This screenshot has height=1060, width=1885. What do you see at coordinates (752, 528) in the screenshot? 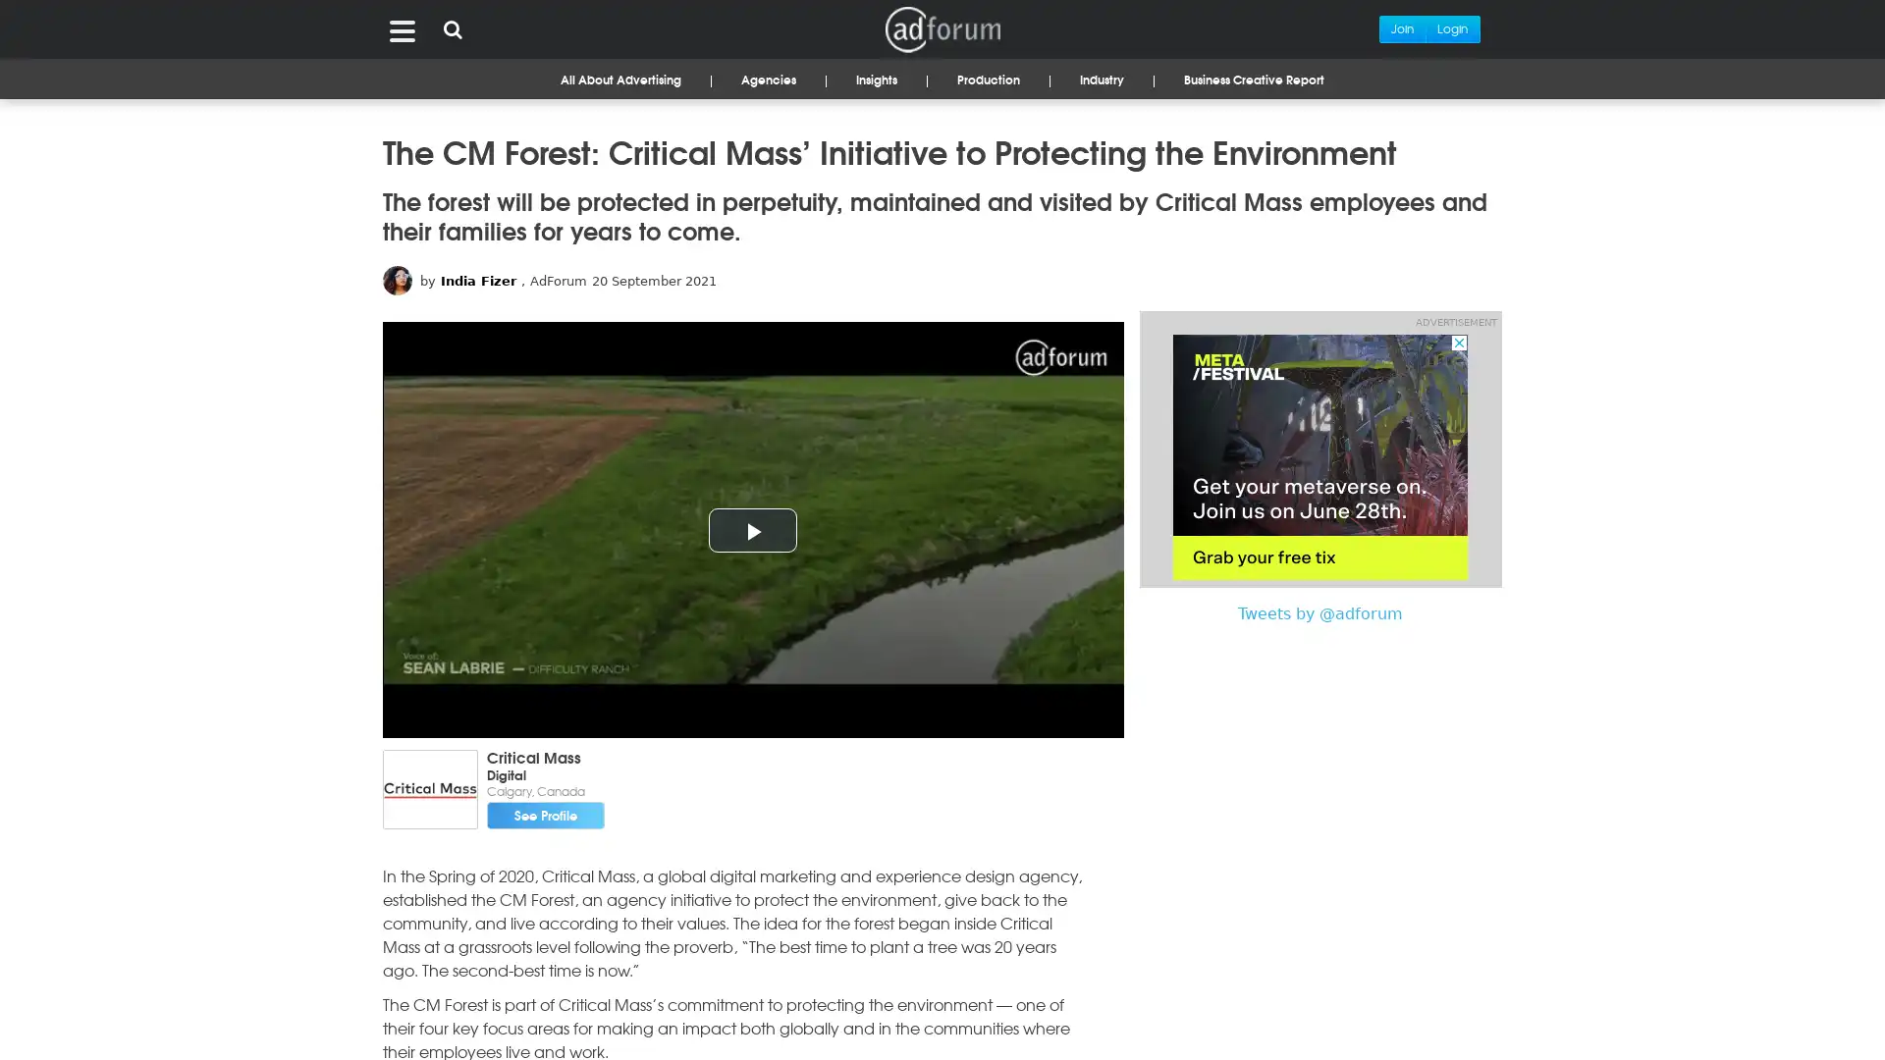
I see `Play Video` at bounding box center [752, 528].